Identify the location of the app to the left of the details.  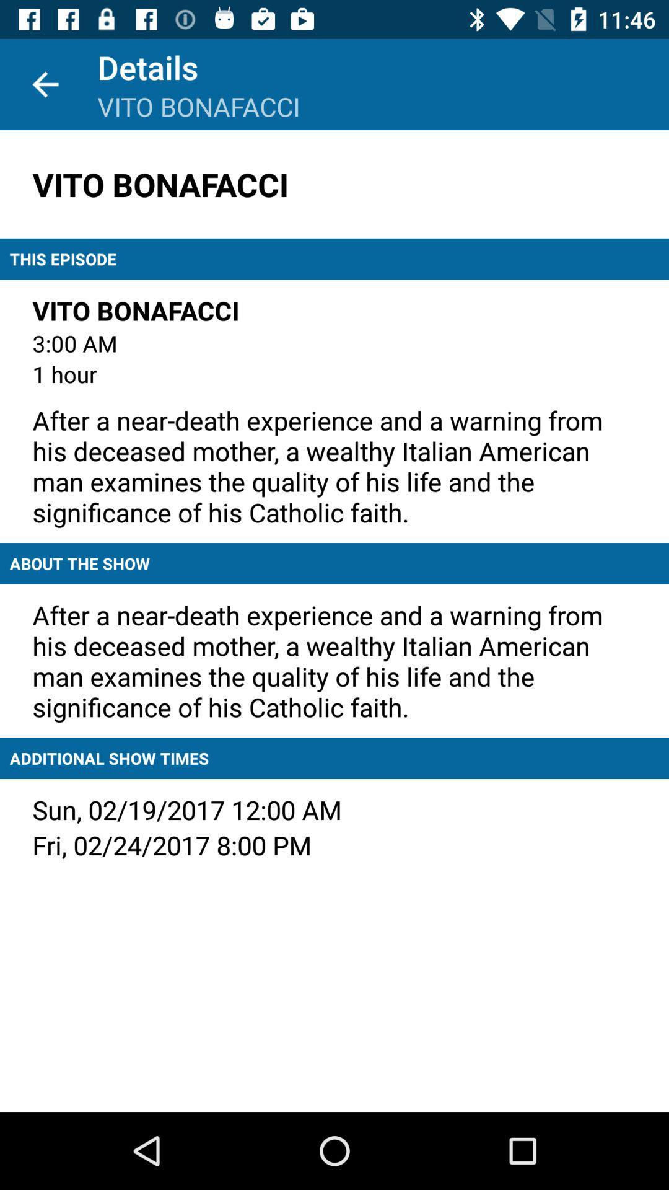
(45, 84).